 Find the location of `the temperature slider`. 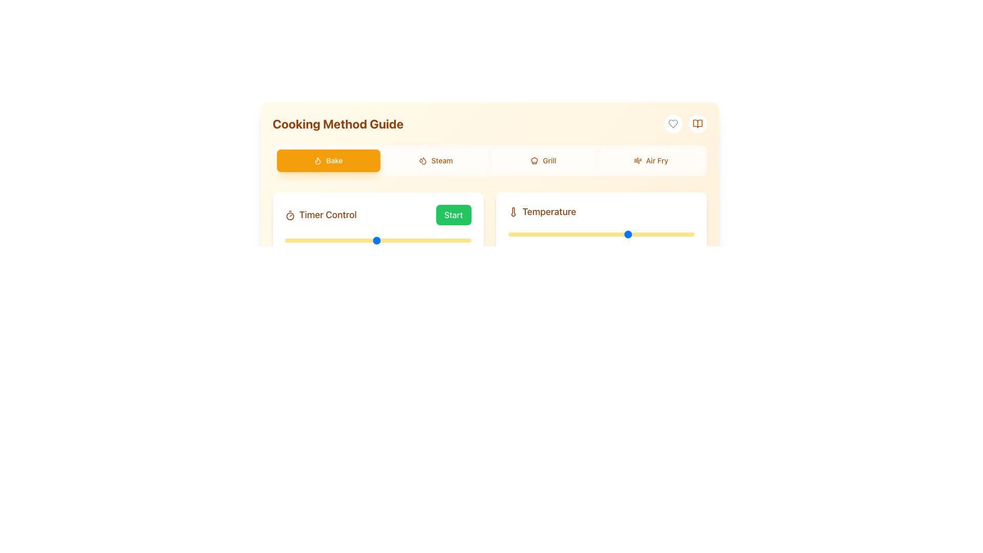

the temperature slider is located at coordinates (619, 235).